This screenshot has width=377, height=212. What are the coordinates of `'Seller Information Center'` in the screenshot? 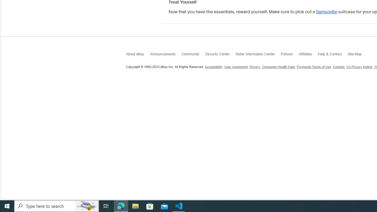 It's located at (258, 56).